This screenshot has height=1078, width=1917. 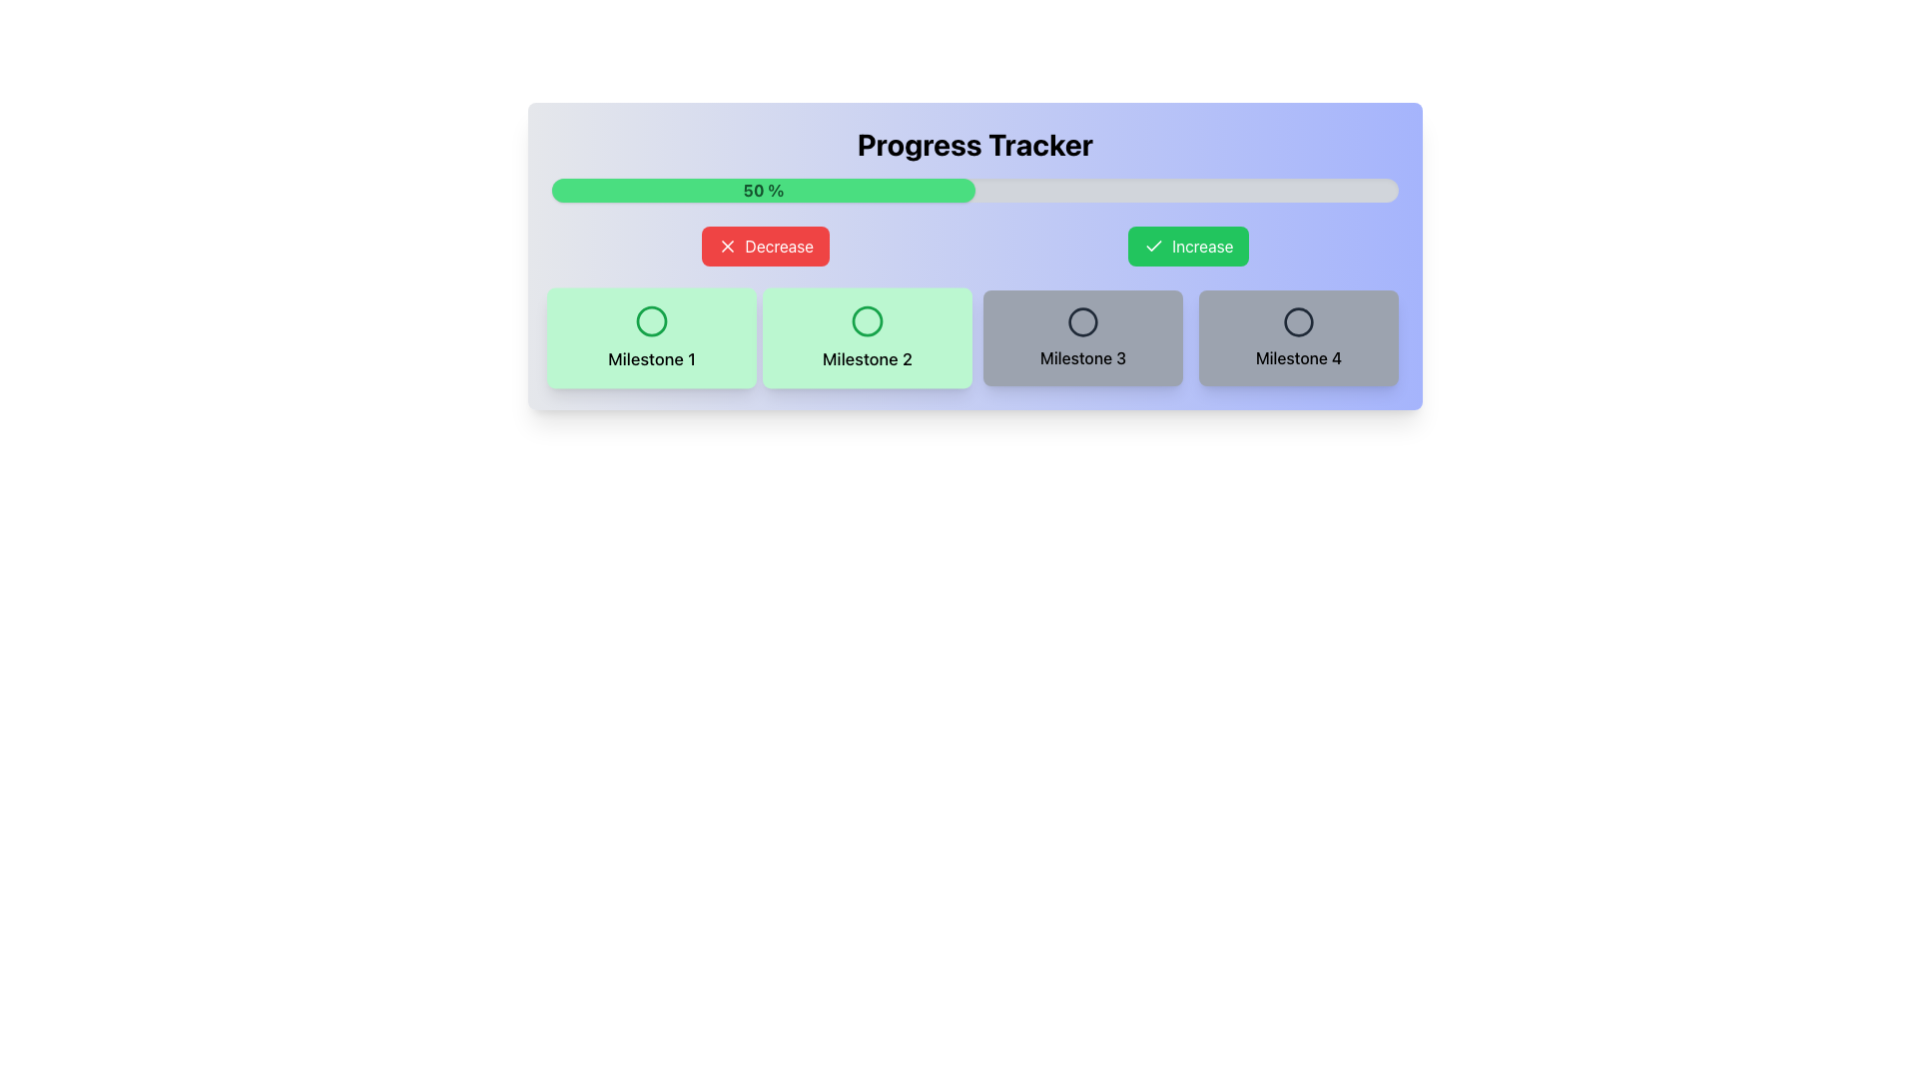 What do you see at coordinates (726, 245) in the screenshot?
I see `the red 'X' icon inside the 'Decrease' button, which indicates a dismiss or reduction action` at bounding box center [726, 245].